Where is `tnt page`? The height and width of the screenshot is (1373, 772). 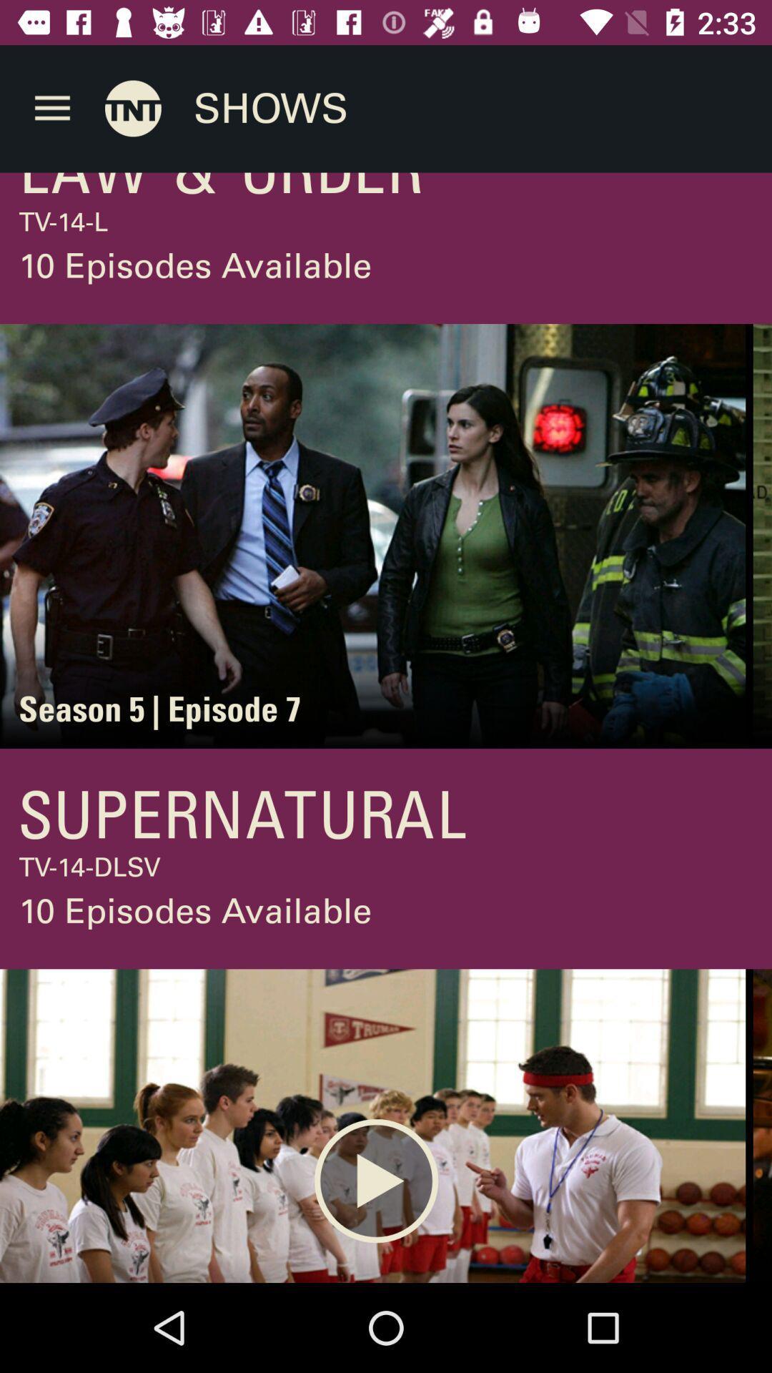
tnt page is located at coordinates (133, 107).